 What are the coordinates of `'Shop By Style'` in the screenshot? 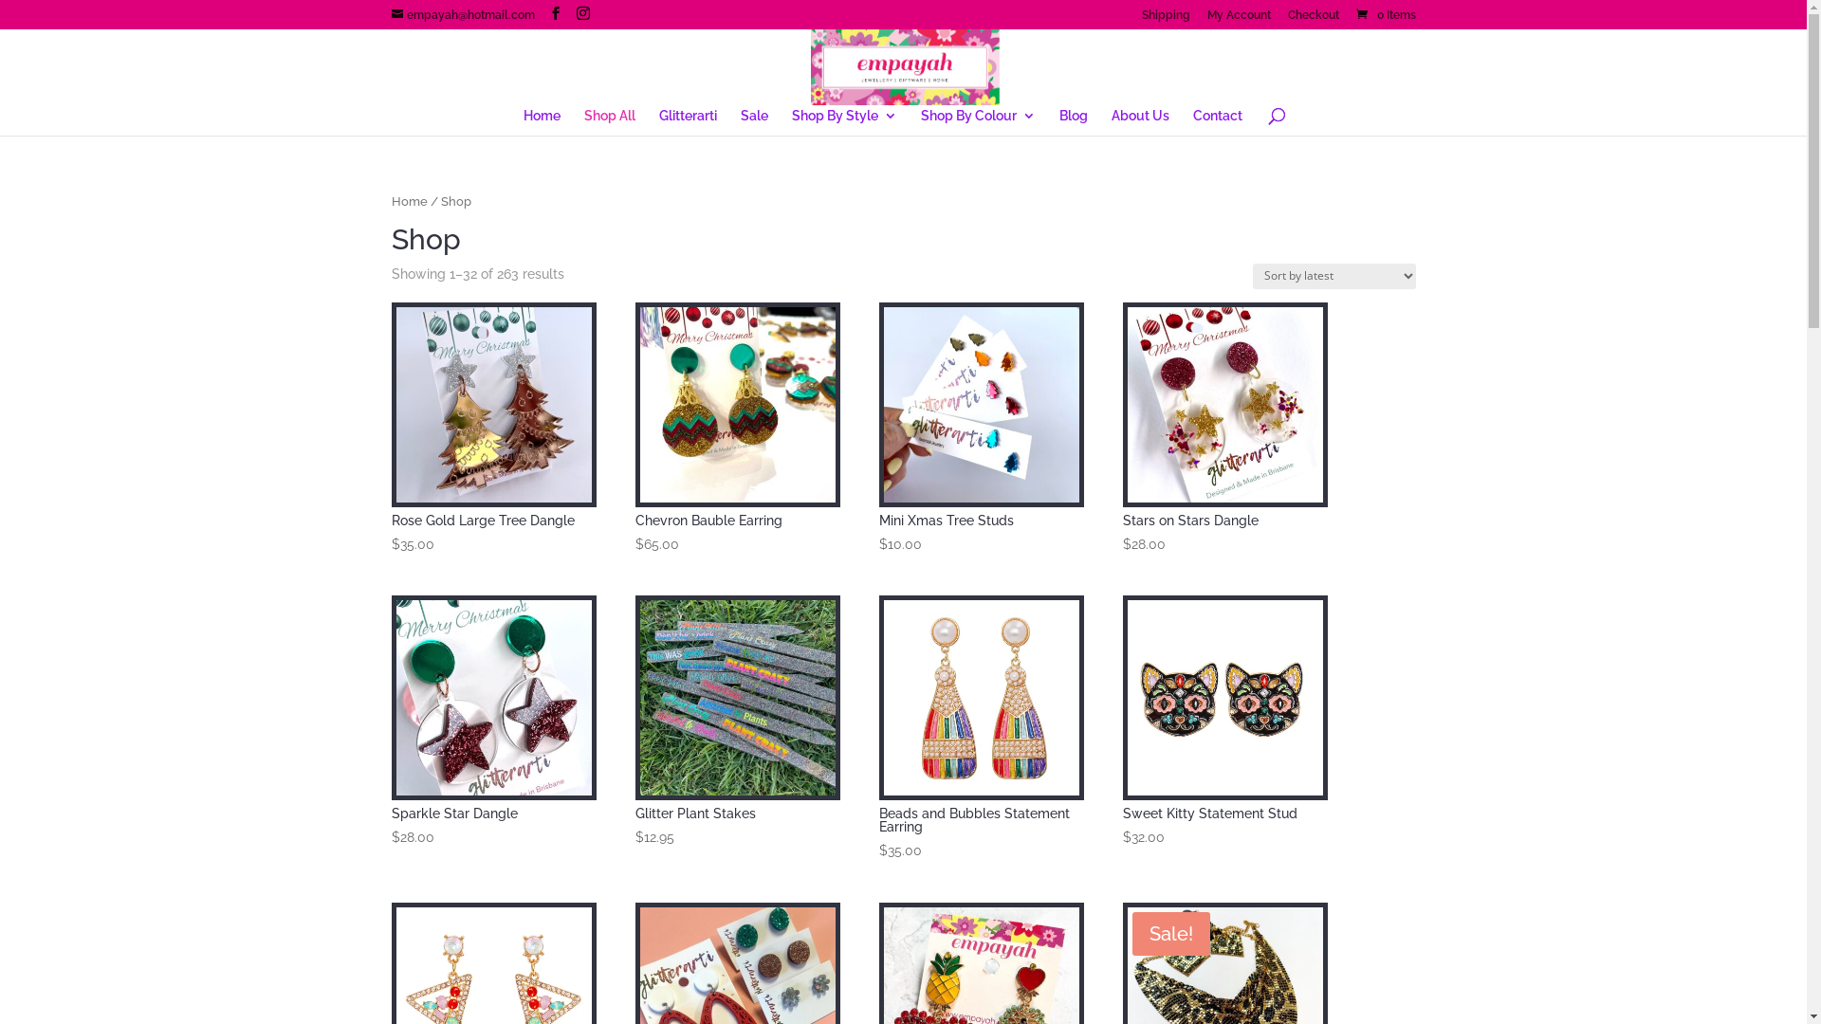 It's located at (843, 121).